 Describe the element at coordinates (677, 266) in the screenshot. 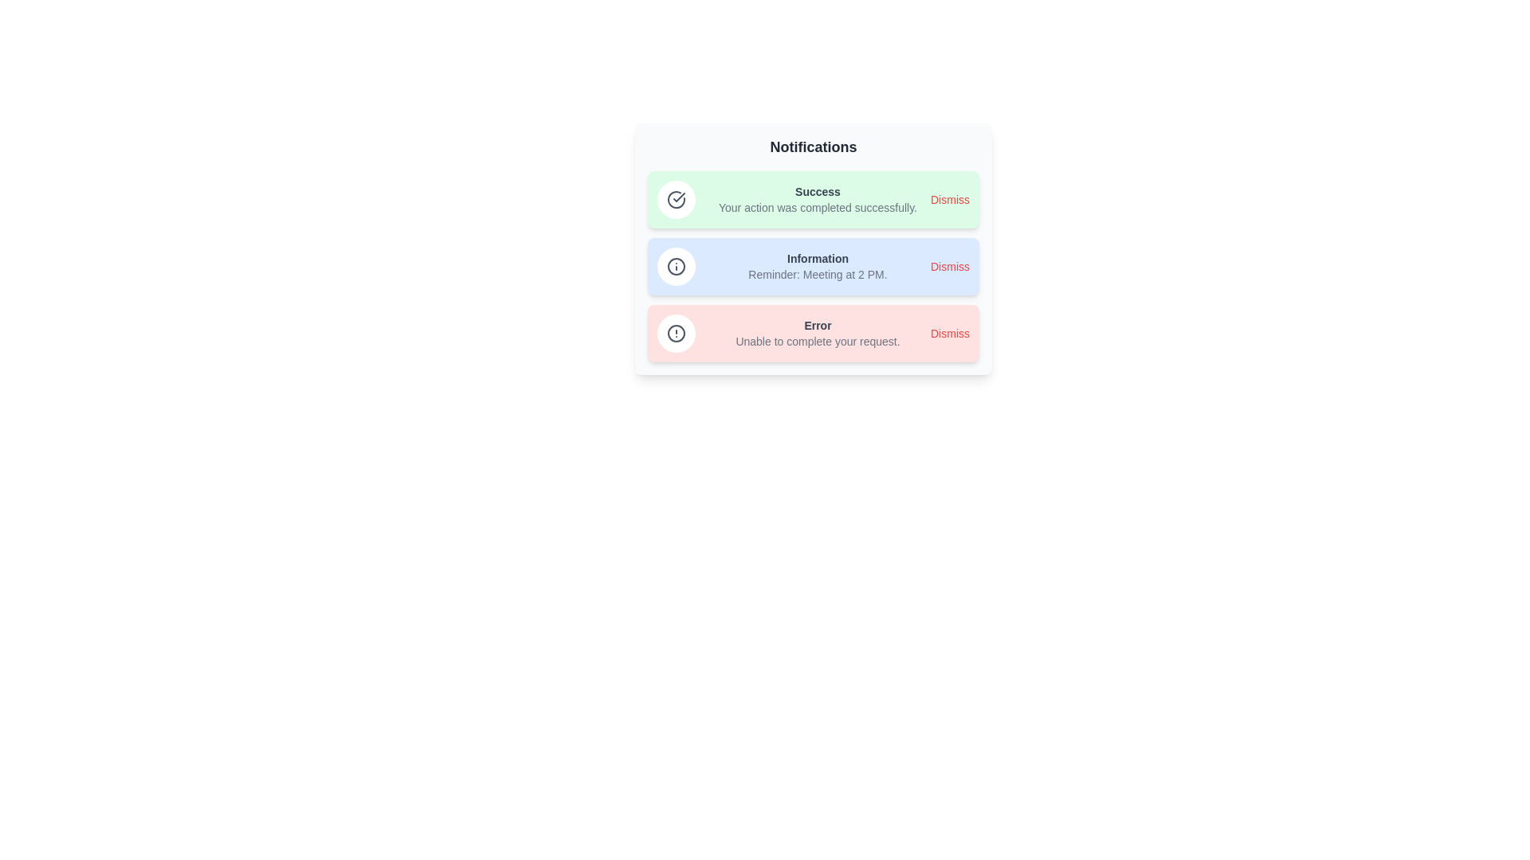

I see `the icon of the Information notification` at that location.